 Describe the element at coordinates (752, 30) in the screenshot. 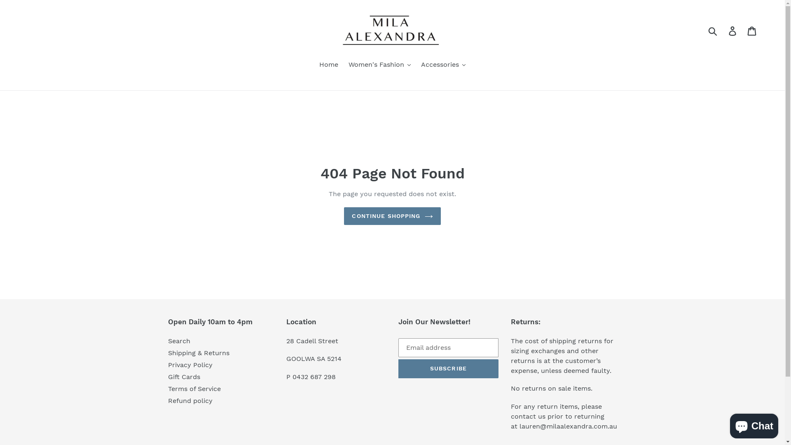

I see `'Cart'` at that location.